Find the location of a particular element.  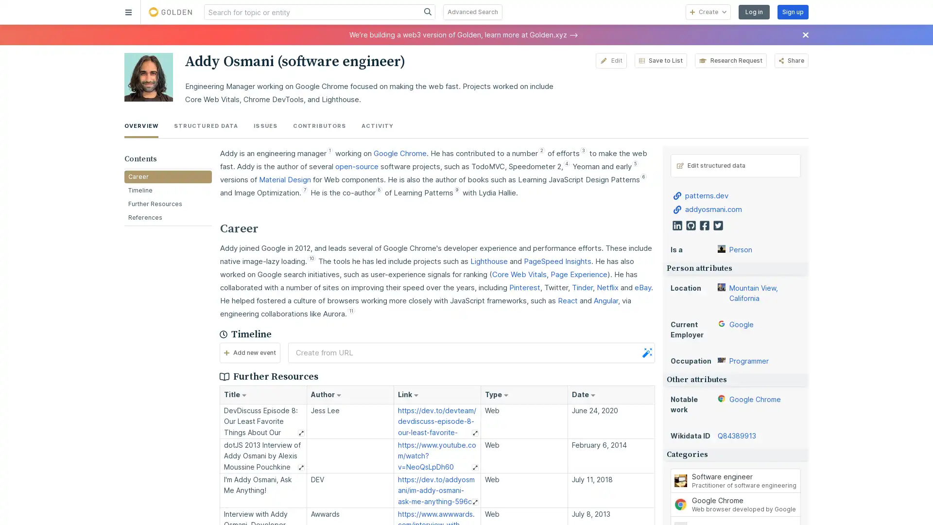

Research Request is located at coordinates (730, 60).